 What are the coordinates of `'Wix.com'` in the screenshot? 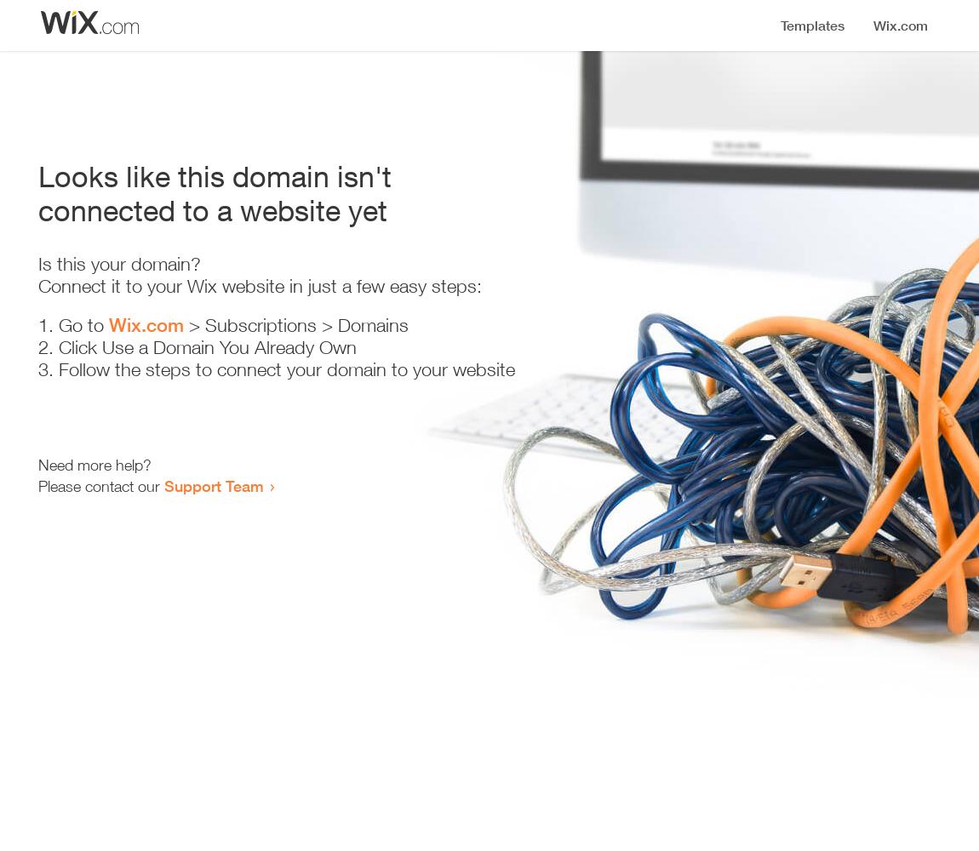 It's located at (146, 325).